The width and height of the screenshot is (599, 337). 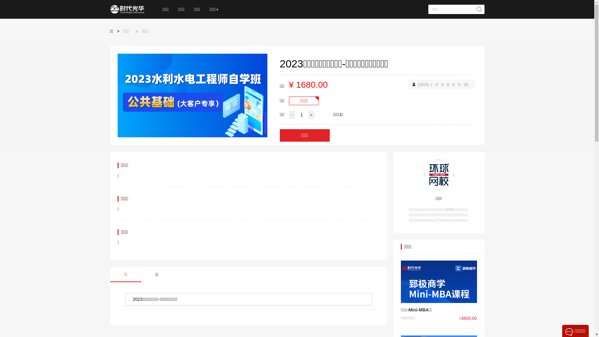 What do you see at coordinates (311, 115) in the screenshot?
I see `'+'` at bounding box center [311, 115].